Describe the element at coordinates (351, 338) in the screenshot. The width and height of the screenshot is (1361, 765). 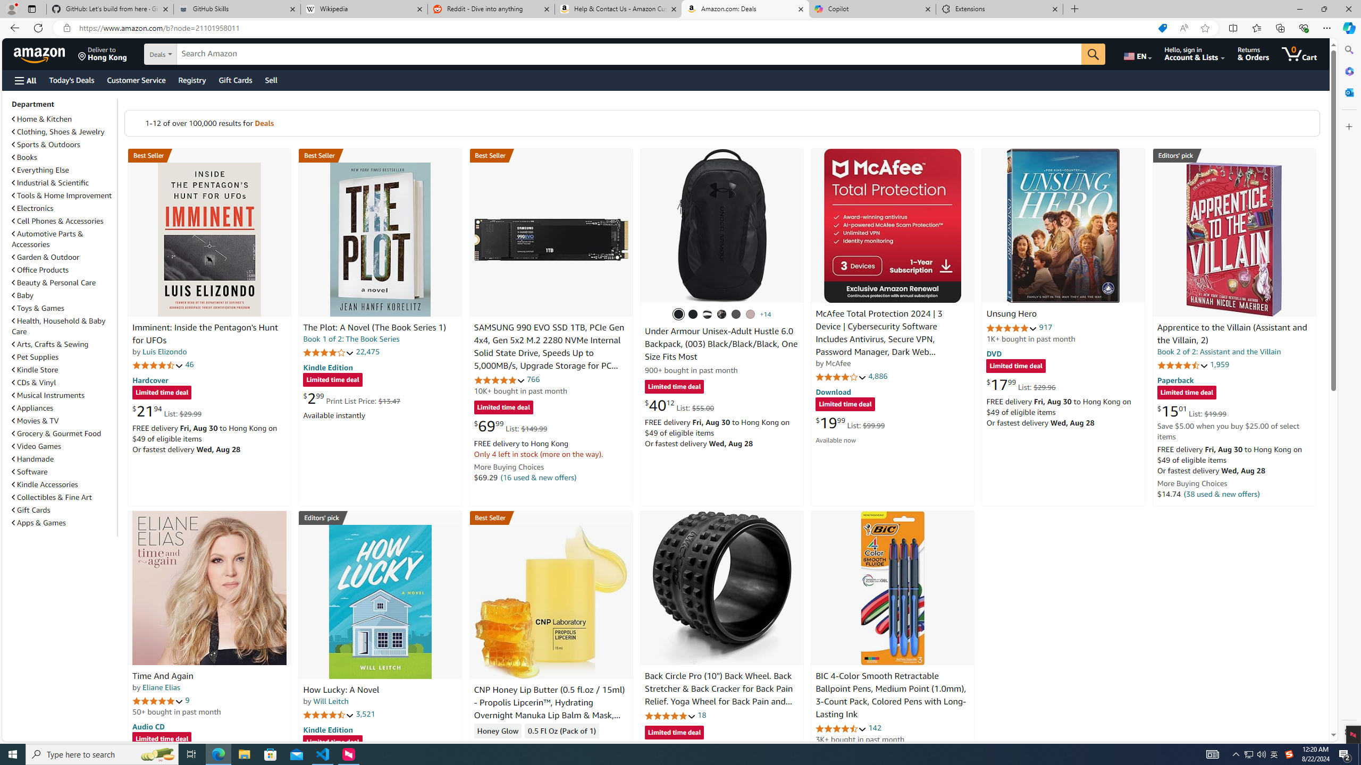
I see `'Book 1 of 2: The Book Series'` at that location.